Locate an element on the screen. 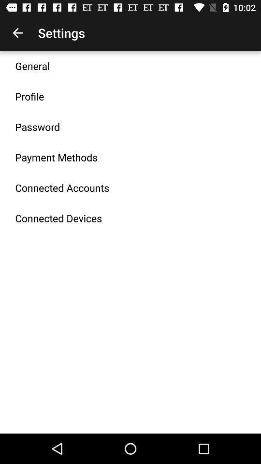 This screenshot has height=464, width=261. item above payment methods is located at coordinates (37, 126).